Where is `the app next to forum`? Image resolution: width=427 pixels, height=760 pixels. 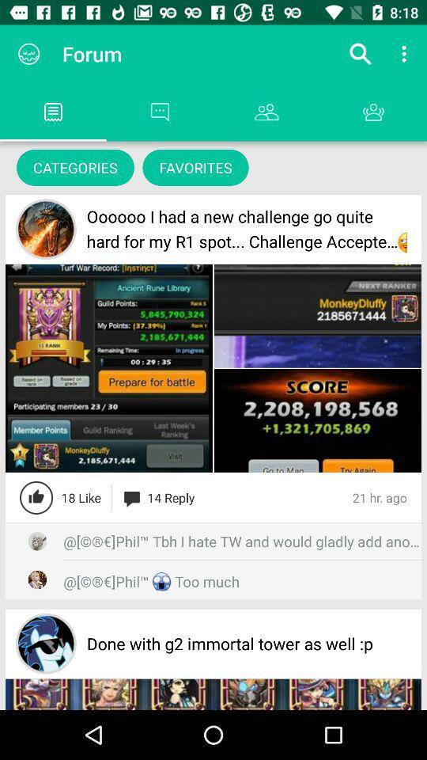 the app next to forum is located at coordinates (360, 54).